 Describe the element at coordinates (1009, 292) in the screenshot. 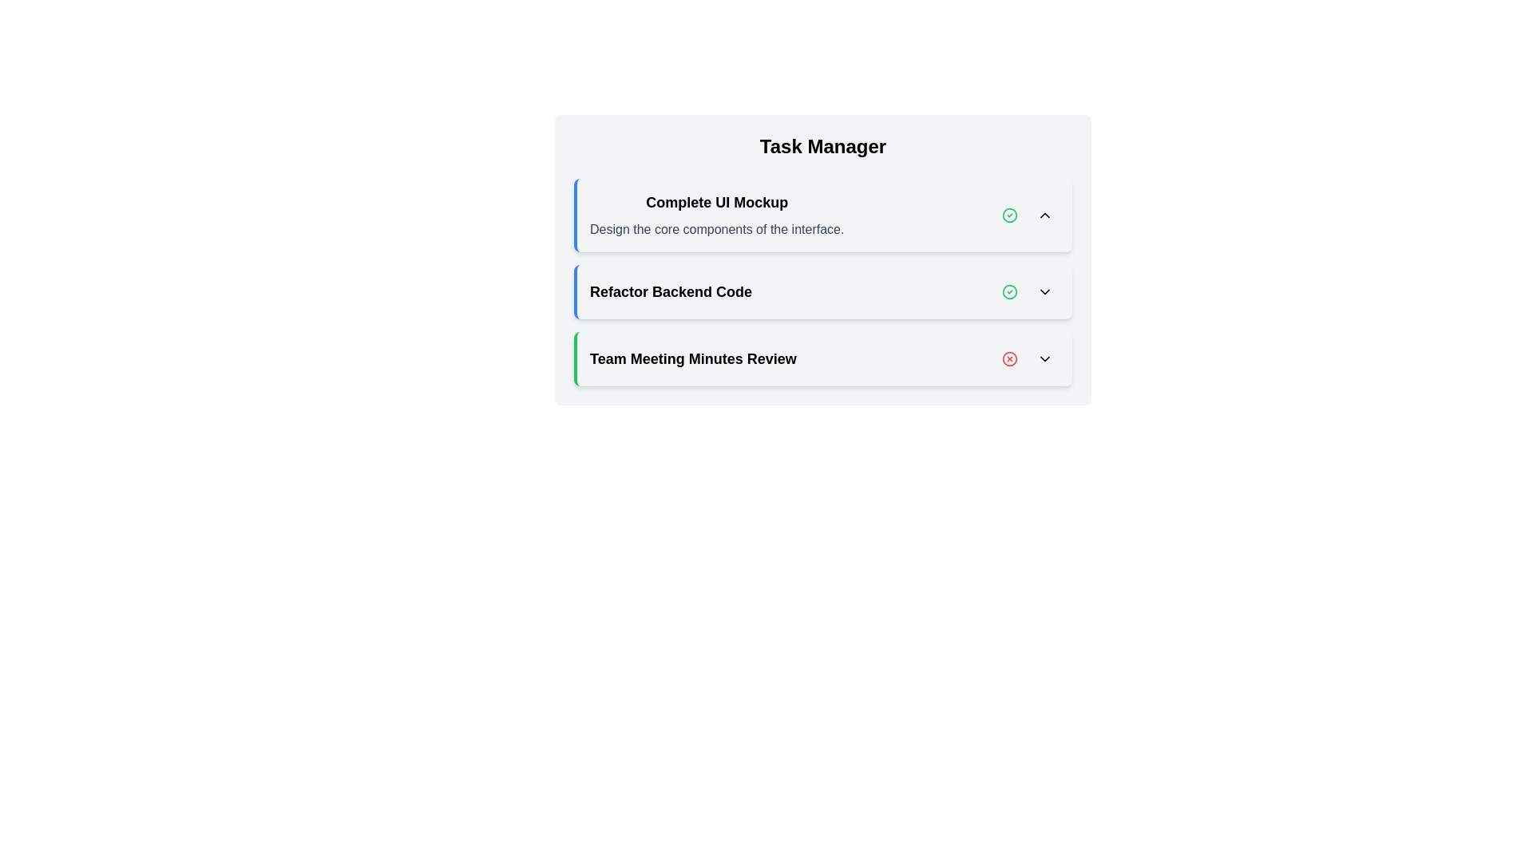

I see `the circular-shaped icon with a green outline and a check mark in the center, indicating a completed or verified status, located on the right side of the 'Complete UI Mockup' task row` at that location.